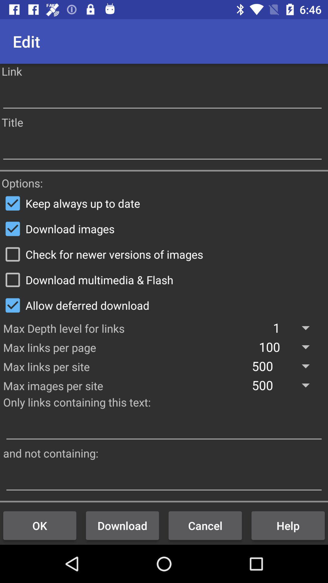 Image resolution: width=328 pixels, height=583 pixels. Describe the element at coordinates (162, 148) in the screenshot. I see `title` at that location.